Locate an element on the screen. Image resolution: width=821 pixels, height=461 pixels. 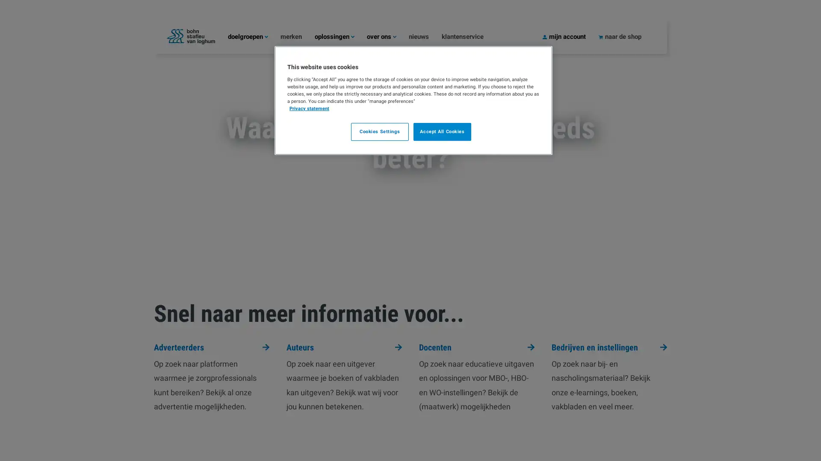
over ons is located at coordinates (387, 36).